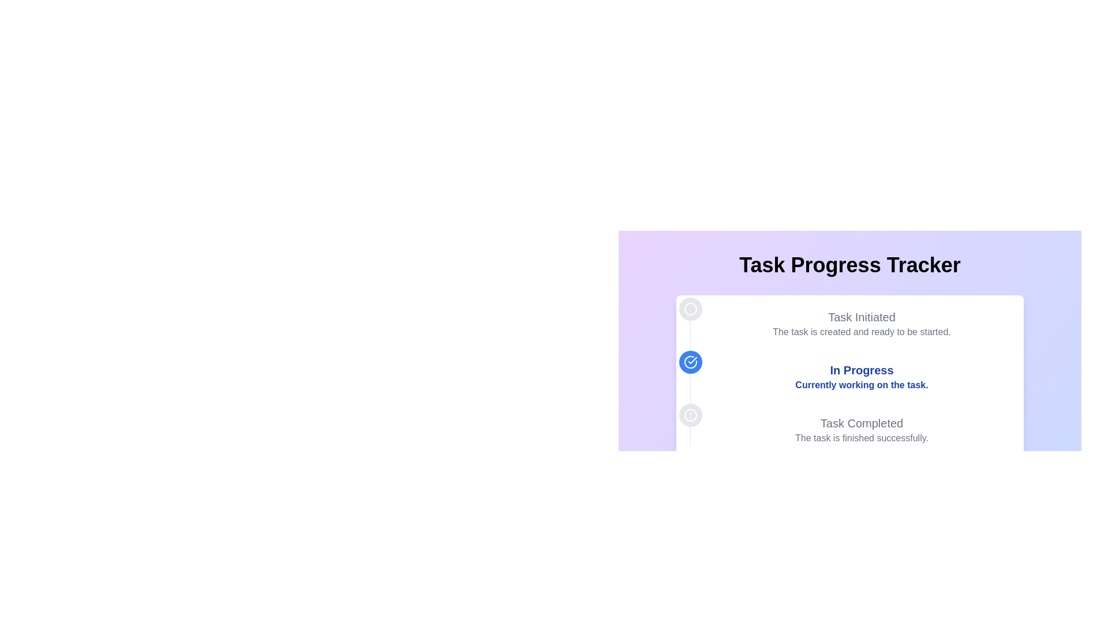  What do you see at coordinates (850, 265) in the screenshot?
I see `the large, bold, and centered text header displaying 'Task Progress Tracker', which is located near the top-center area of the main interface with a gradient purple to blue background` at bounding box center [850, 265].